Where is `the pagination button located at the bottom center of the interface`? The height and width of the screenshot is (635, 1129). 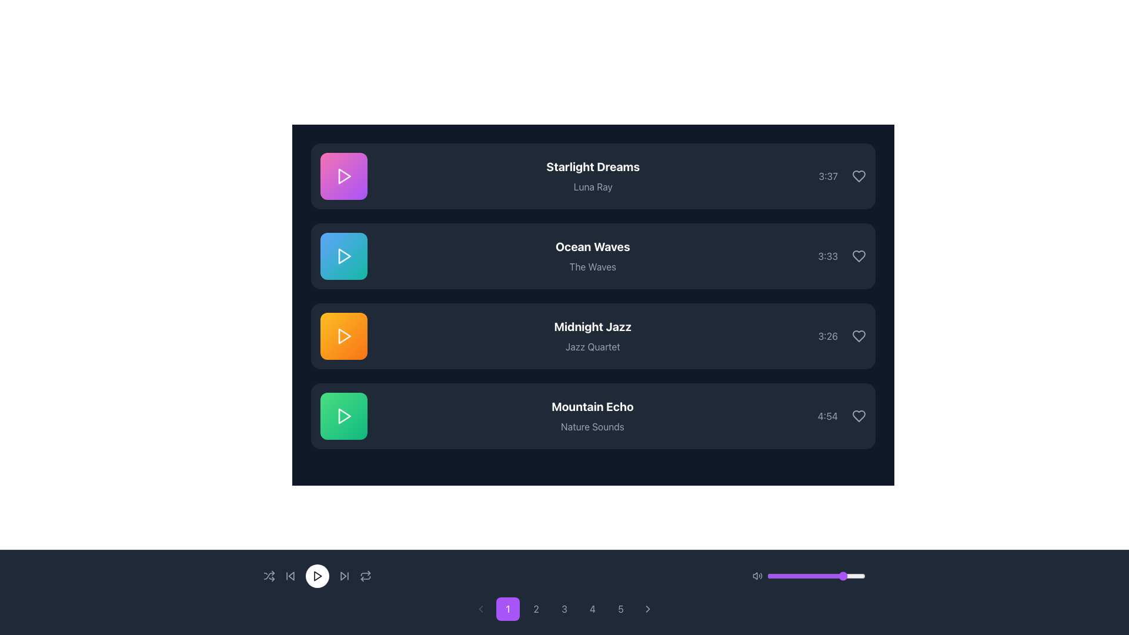
the pagination button located at the bottom center of the interface is located at coordinates (647, 609).